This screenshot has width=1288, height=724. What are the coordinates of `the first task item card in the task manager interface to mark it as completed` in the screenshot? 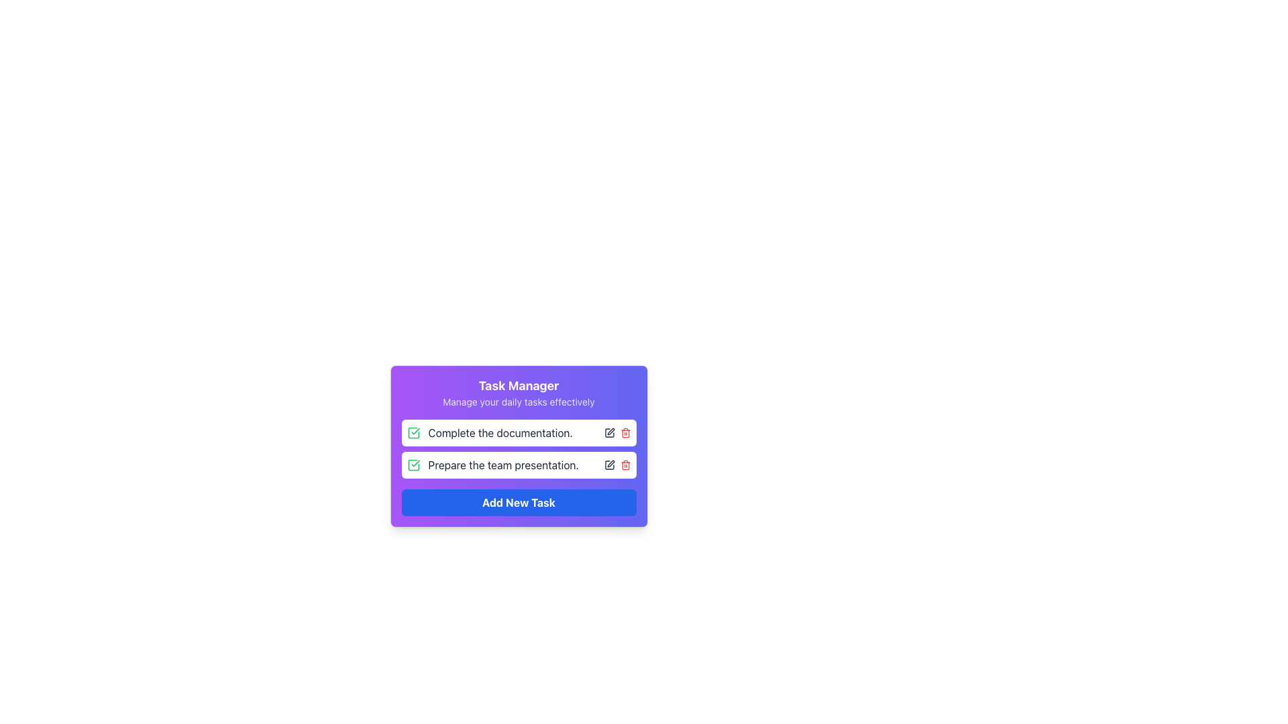 It's located at (518, 432).